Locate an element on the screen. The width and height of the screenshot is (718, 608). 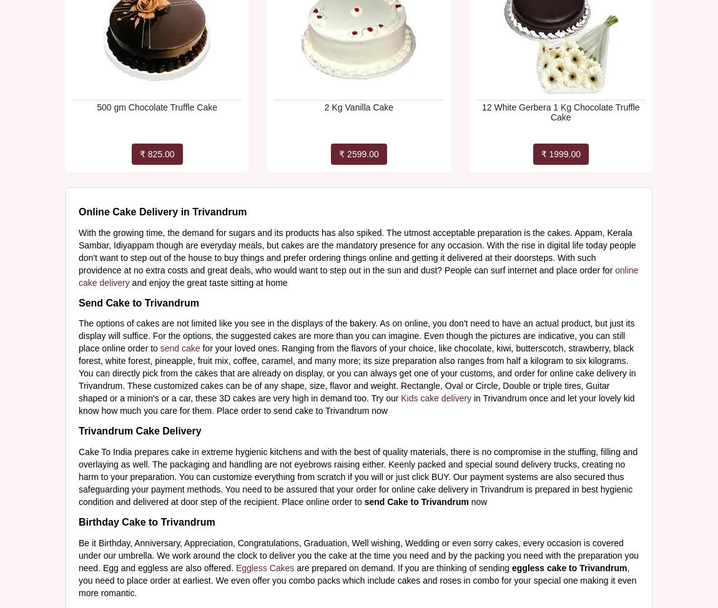
'now' is located at coordinates (476, 500).